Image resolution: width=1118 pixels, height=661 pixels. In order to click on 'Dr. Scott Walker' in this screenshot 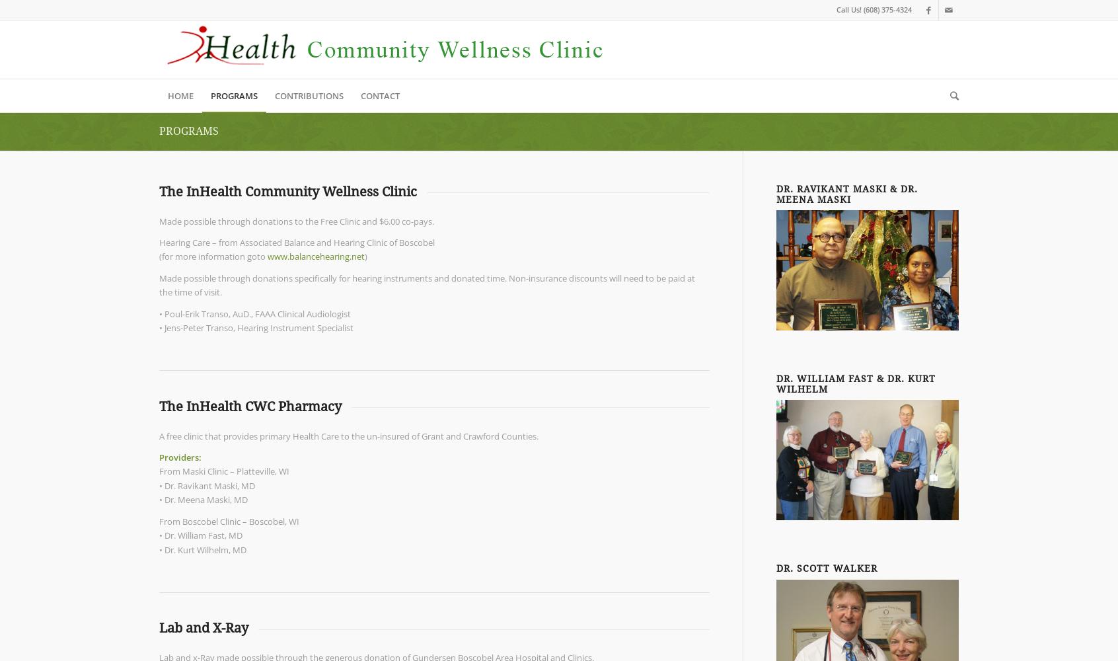, I will do `click(827, 568)`.